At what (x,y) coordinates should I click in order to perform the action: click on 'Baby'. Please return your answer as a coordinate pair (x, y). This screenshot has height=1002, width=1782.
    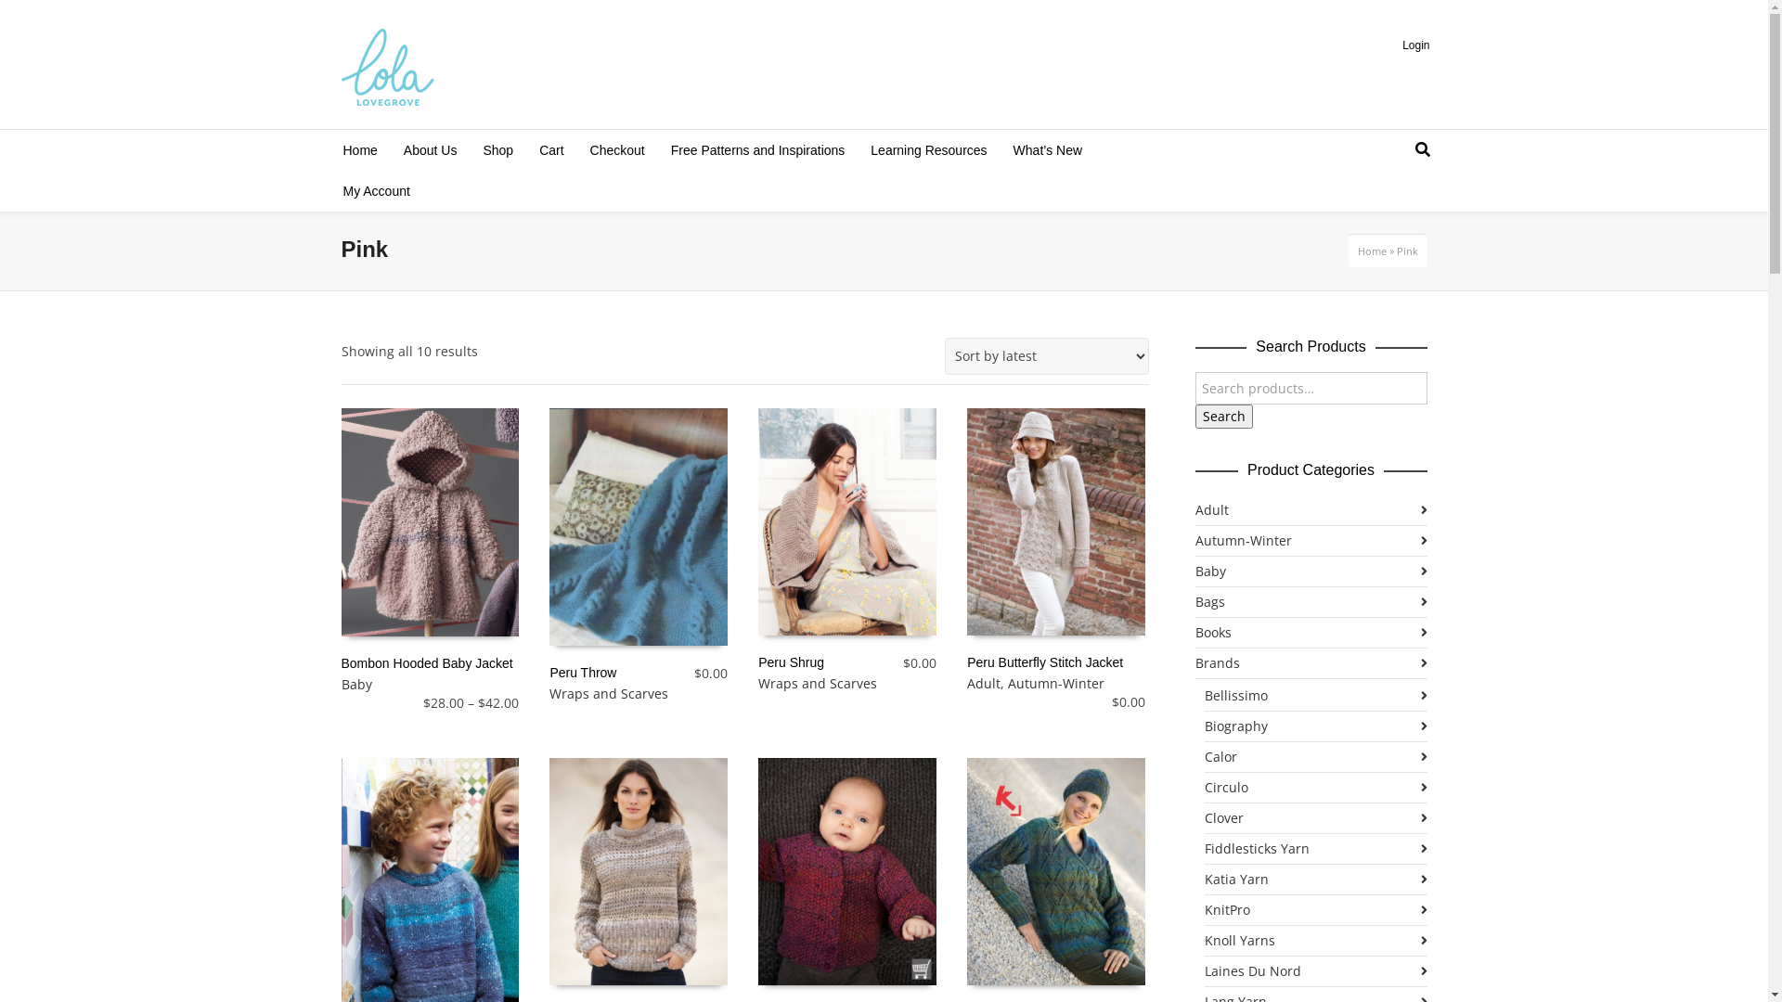
    Looking at the image, I should click on (356, 684).